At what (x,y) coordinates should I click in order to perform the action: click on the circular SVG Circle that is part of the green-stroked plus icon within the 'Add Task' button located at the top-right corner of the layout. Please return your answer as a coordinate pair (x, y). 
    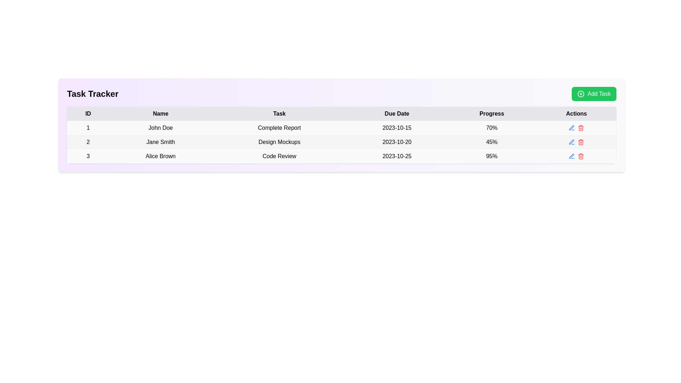
    Looking at the image, I should click on (581, 94).